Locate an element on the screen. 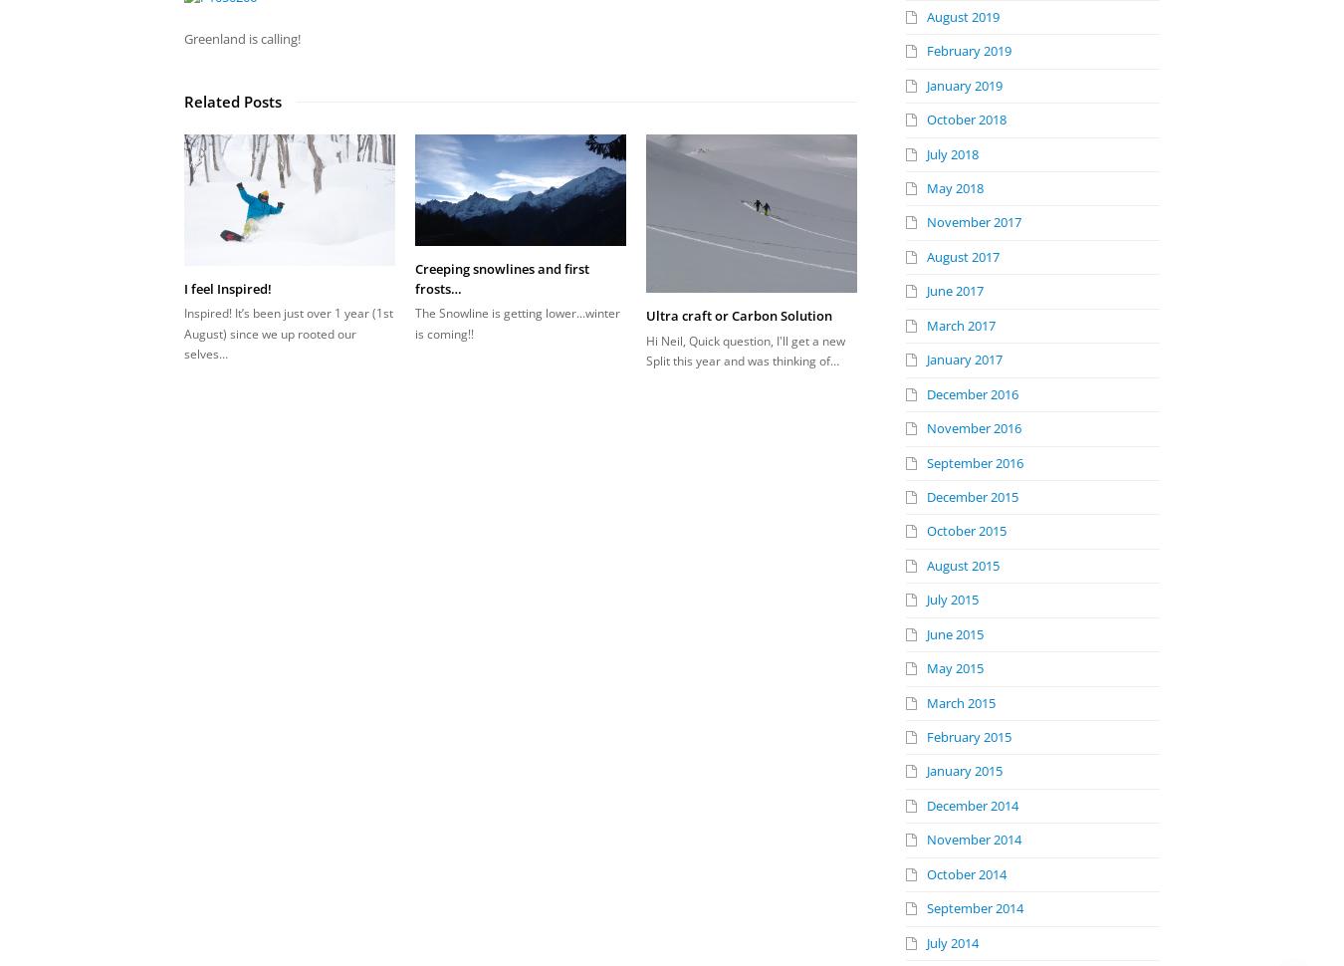  'August 2017' is located at coordinates (962, 254).